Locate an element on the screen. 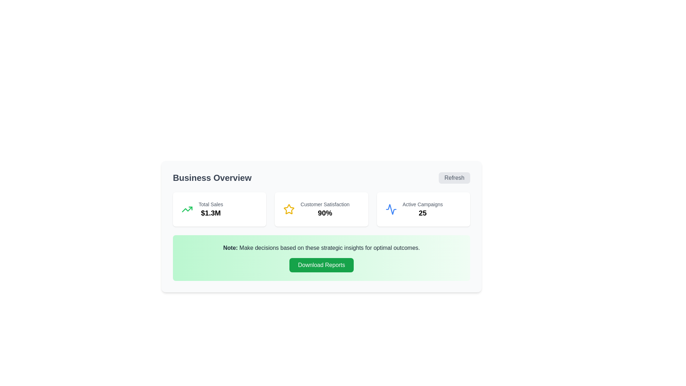 This screenshot has width=686, height=386. the descriptive Text label that provides context for the '90%' customer satisfaction metric located in the 'Customer Satisfaction' section of the interface is located at coordinates (324, 204).